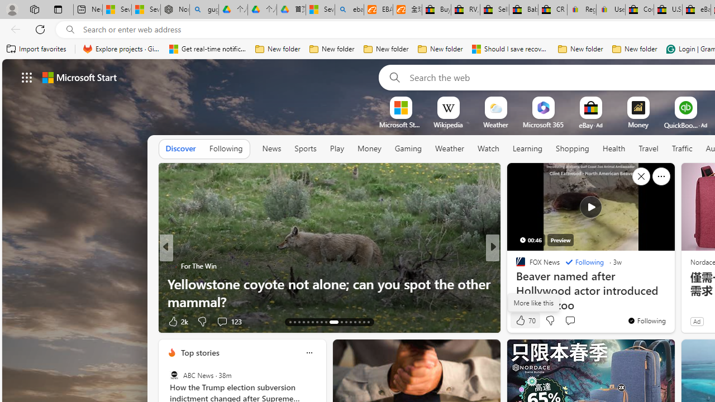 Image resolution: width=715 pixels, height=402 pixels. Describe the element at coordinates (350, 322) in the screenshot. I see `'AutomationID: tab-25'` at that location.